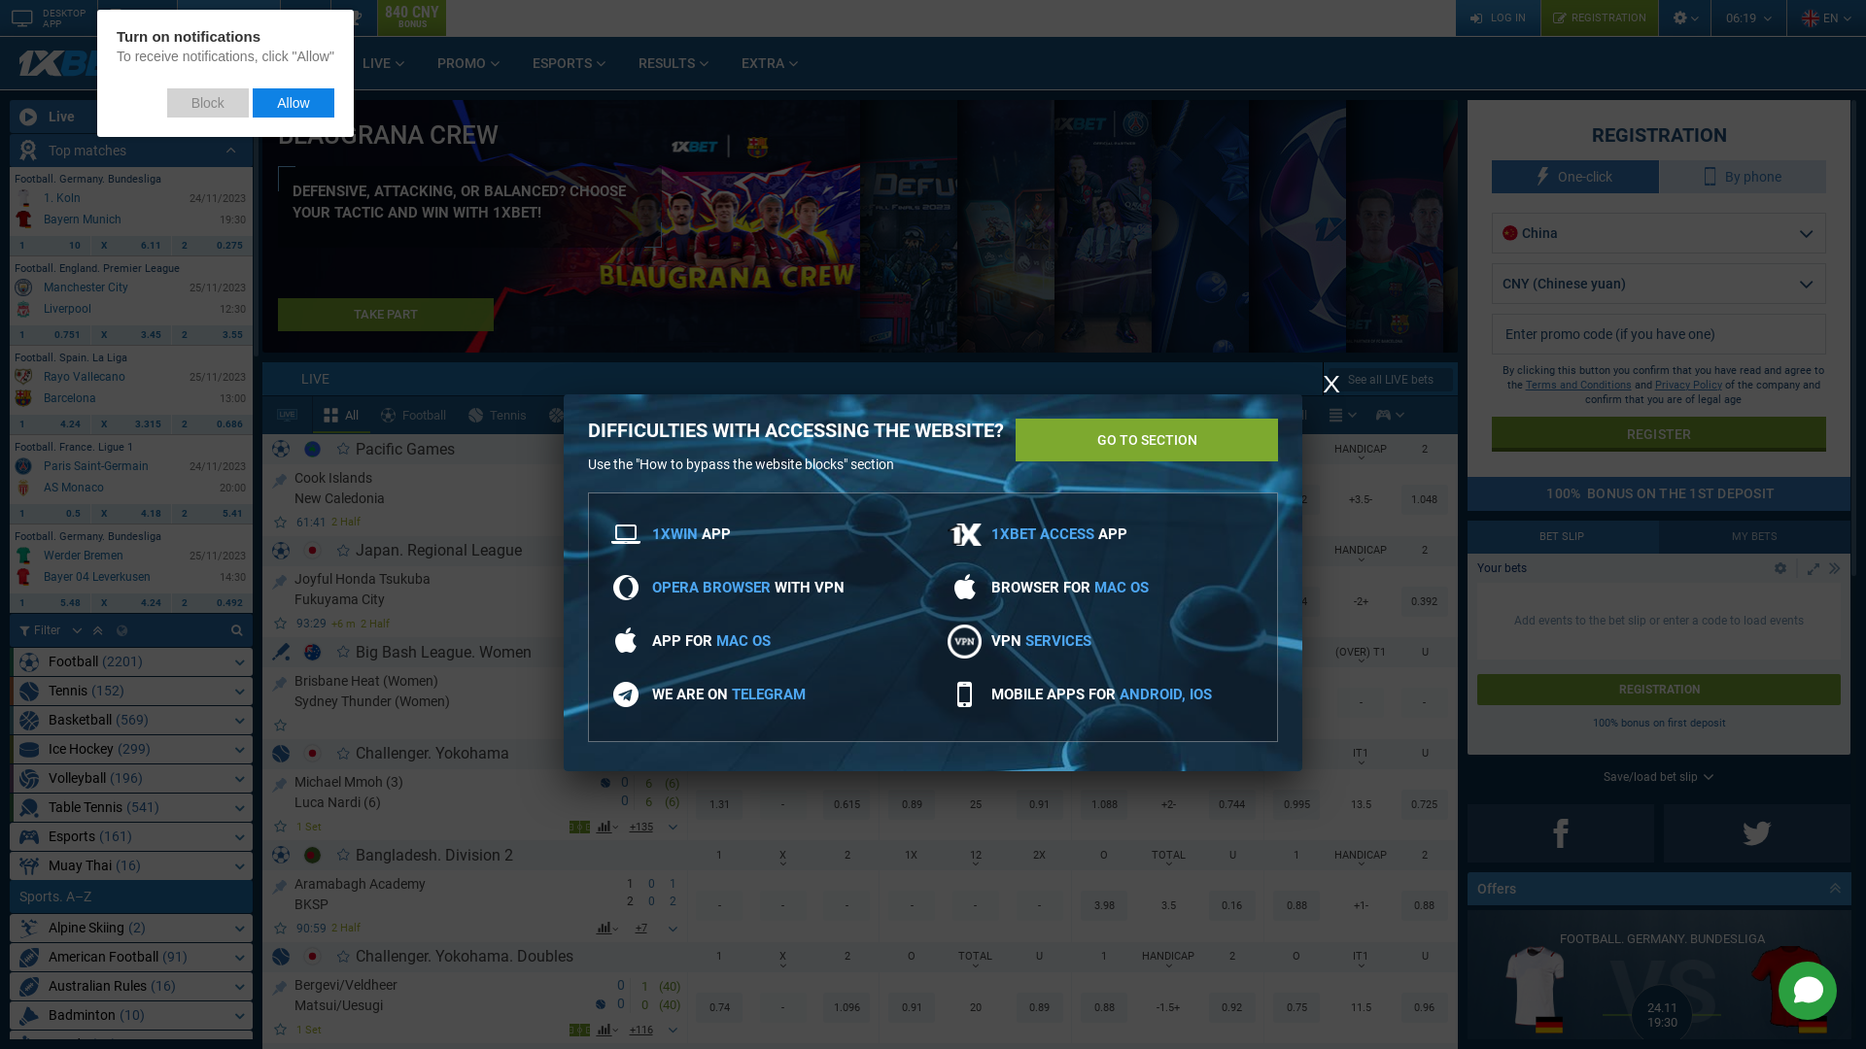 This screenshot has height=1049, width=1866. What do you see at coordinates (1491, 176) in the screenshot?
I see `'One-click'` at bounding box center [1491, 176].